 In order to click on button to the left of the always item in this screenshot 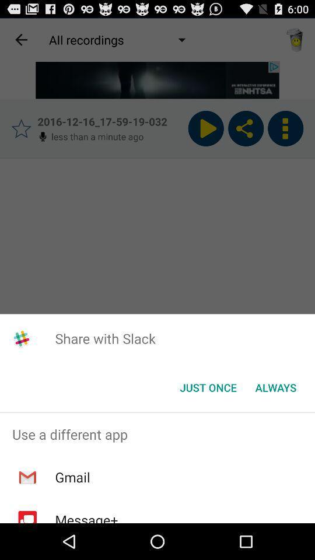, I will do `click(208, 387)`.